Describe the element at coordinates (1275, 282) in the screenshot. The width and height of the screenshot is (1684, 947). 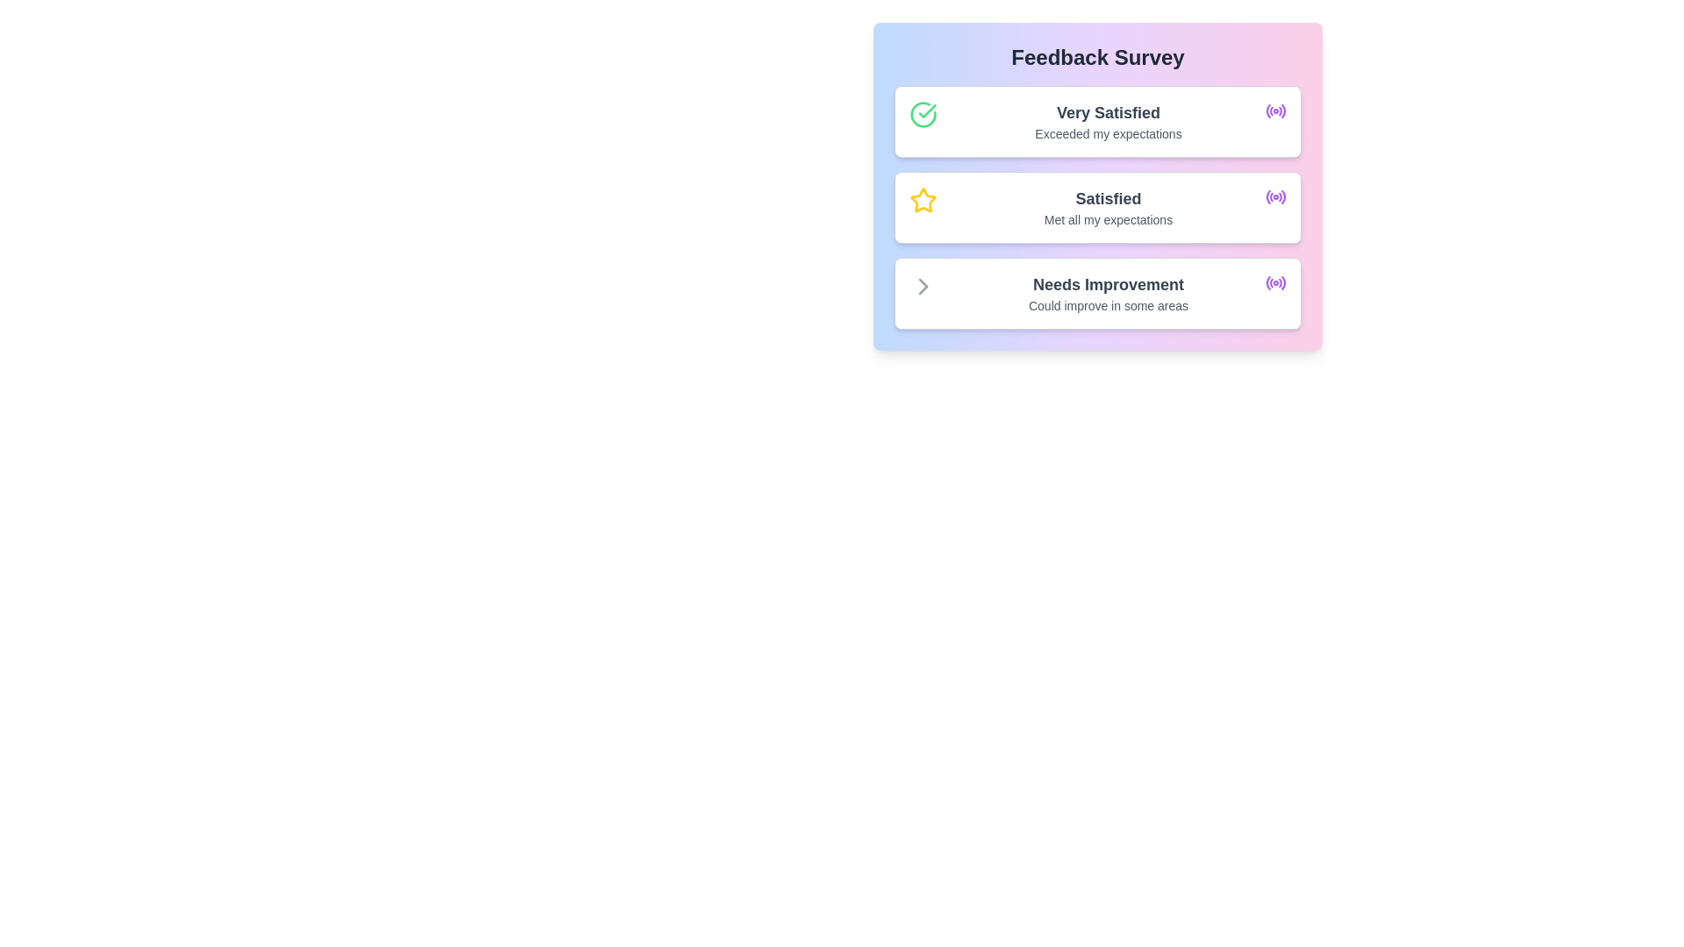
I see `the purple radio wave icon located at the far right of the 'Needs Improvement' row in the feedback survey card` at that location.